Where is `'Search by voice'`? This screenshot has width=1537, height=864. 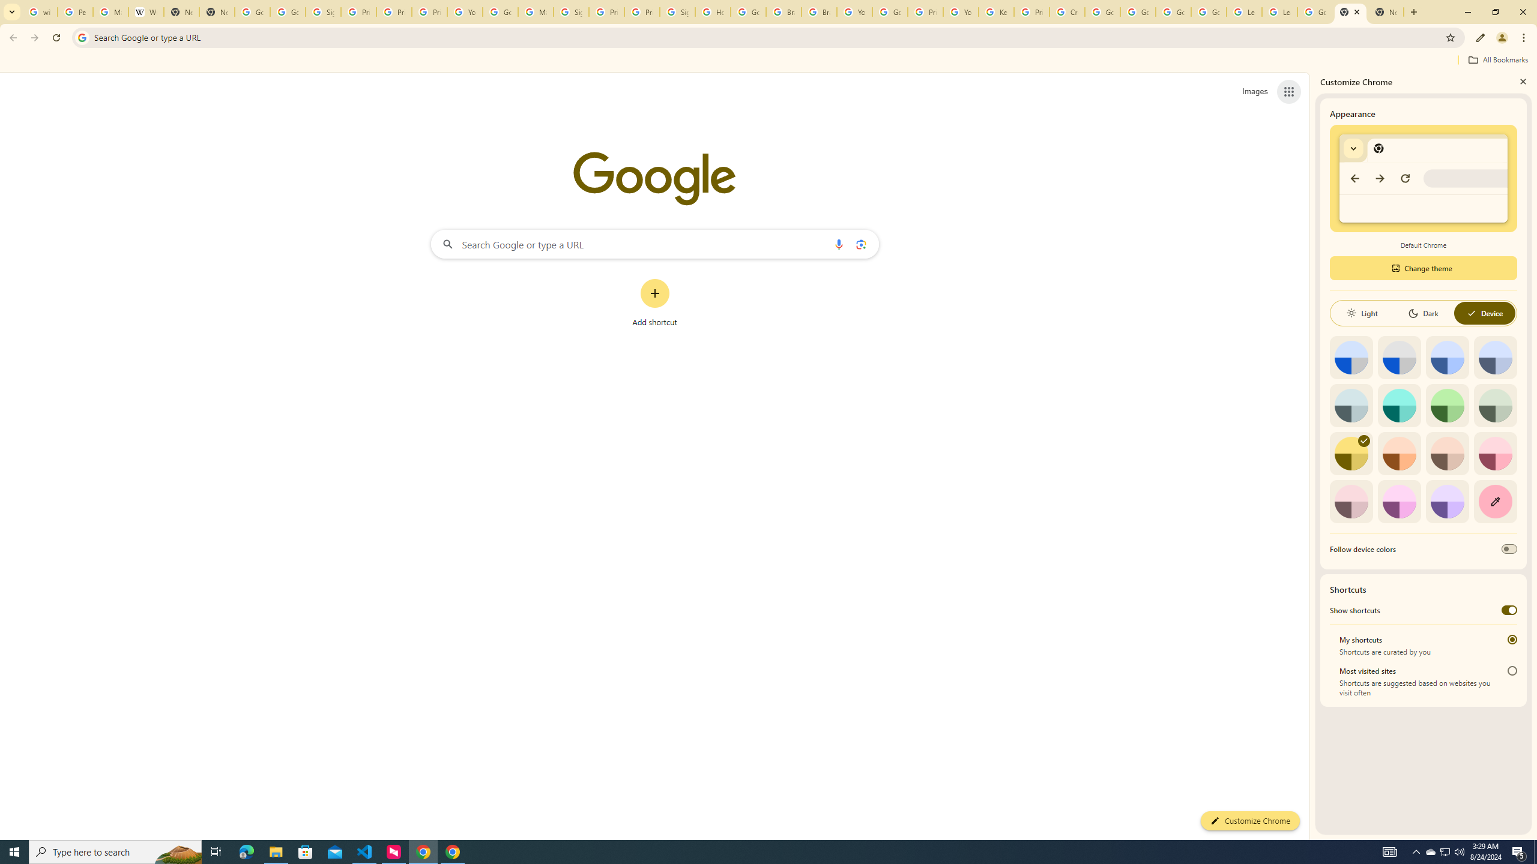
'Search by voice' is located at coordinates (839, 243).